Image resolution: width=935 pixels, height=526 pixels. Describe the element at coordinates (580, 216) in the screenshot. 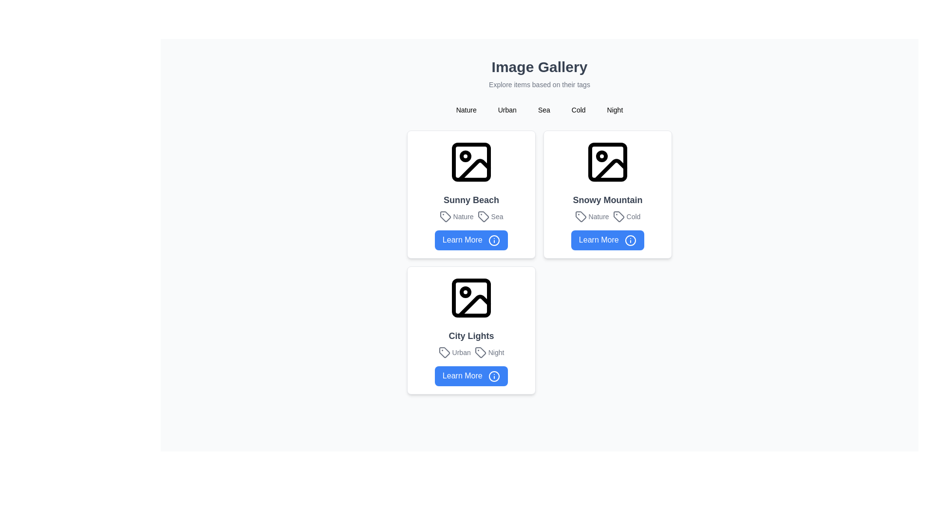

I see `the small tag icon with rounded edges and a hole near one corner, styled with a minimalist black outline, located within the 'Nature' label of the second card titled 'Snowy Mountain' in the grid of the image gallery` at that location.